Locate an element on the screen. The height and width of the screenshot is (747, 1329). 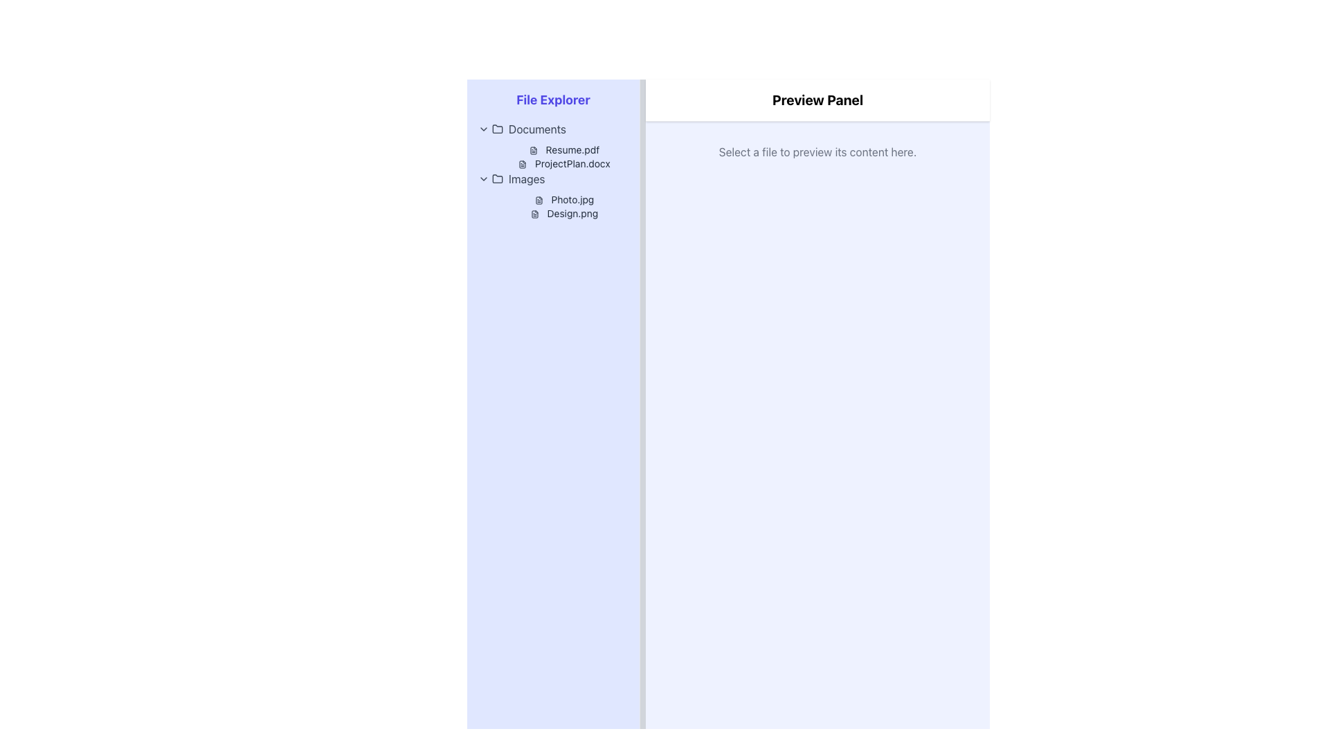
the small downward-pointing chevron icon next to the 'Documents' label is located at coordinates (484, 129).